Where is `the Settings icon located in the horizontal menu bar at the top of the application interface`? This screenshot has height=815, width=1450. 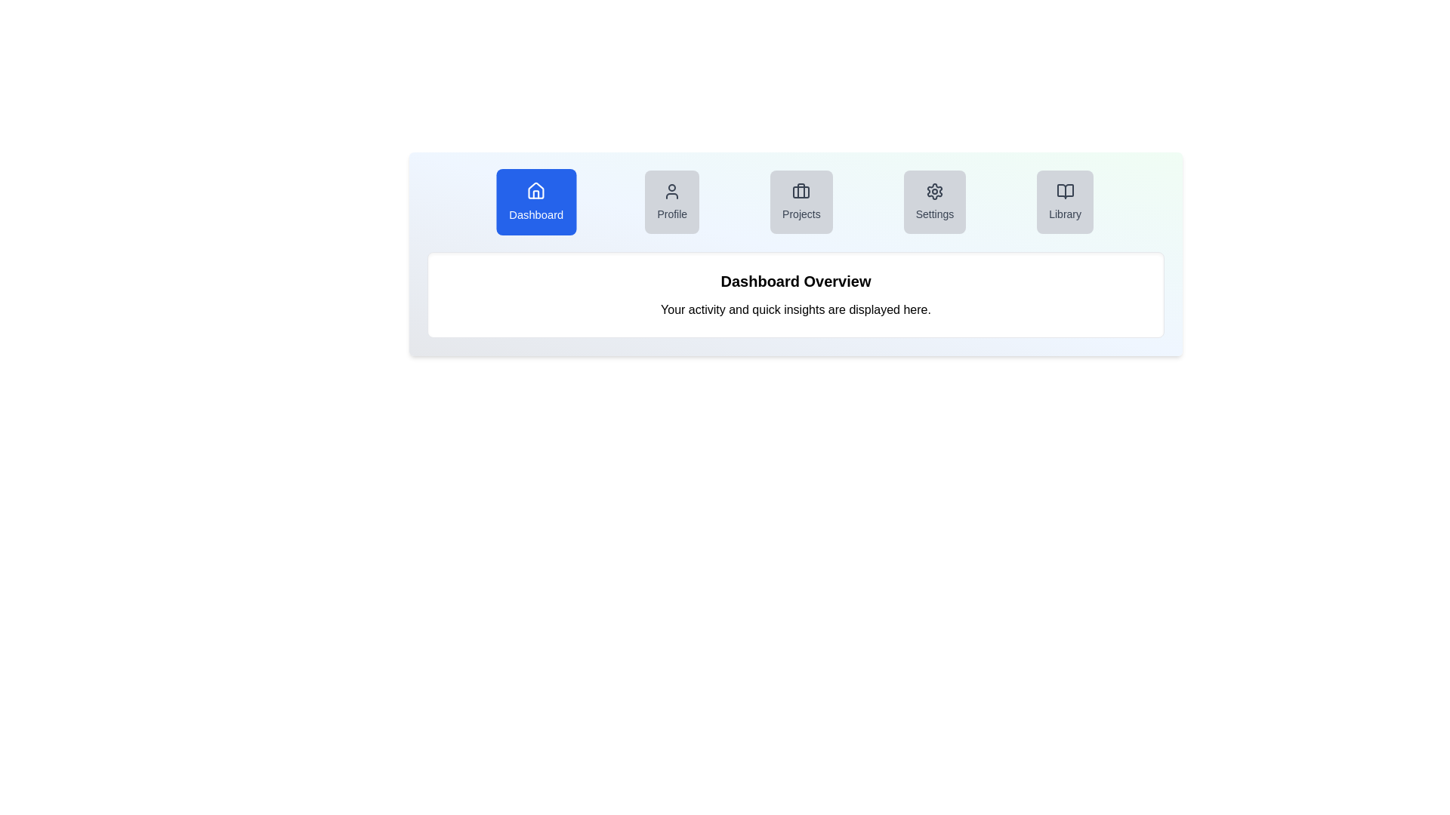 the Settings icon located in the horizontal menu bar at the top of the application interface is located at coordinates (934, 191).